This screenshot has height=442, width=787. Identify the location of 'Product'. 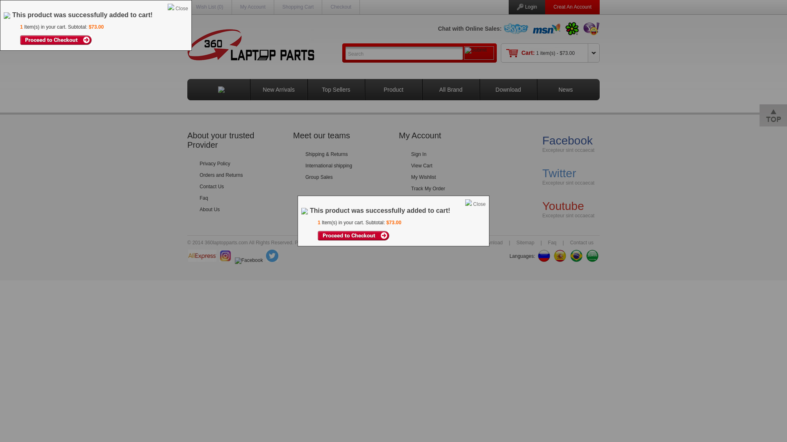
(393, 90).